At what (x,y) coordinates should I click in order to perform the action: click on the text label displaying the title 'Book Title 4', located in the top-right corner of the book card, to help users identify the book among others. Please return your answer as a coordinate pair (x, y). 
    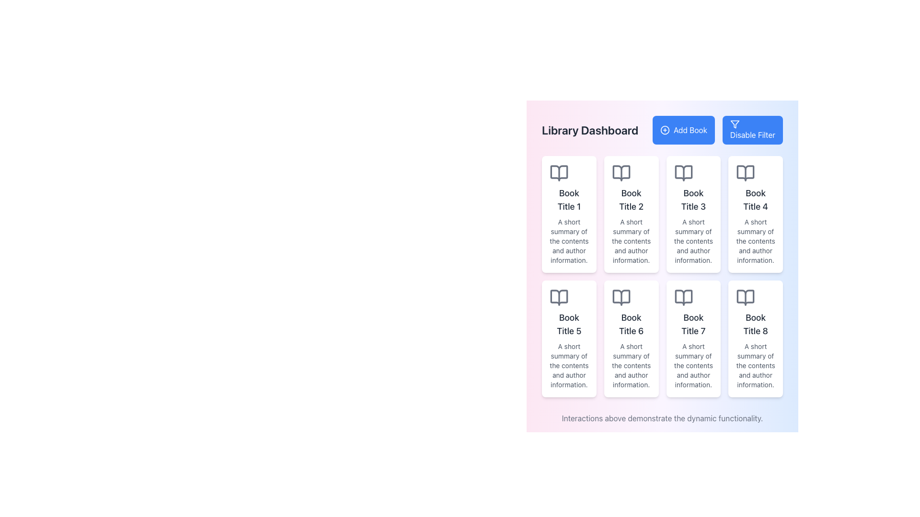
    Looking at the image, I should click on (755, 199).